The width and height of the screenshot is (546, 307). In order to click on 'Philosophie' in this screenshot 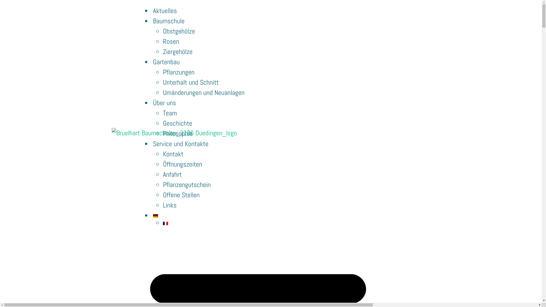, I will do `click(177, 133)`.